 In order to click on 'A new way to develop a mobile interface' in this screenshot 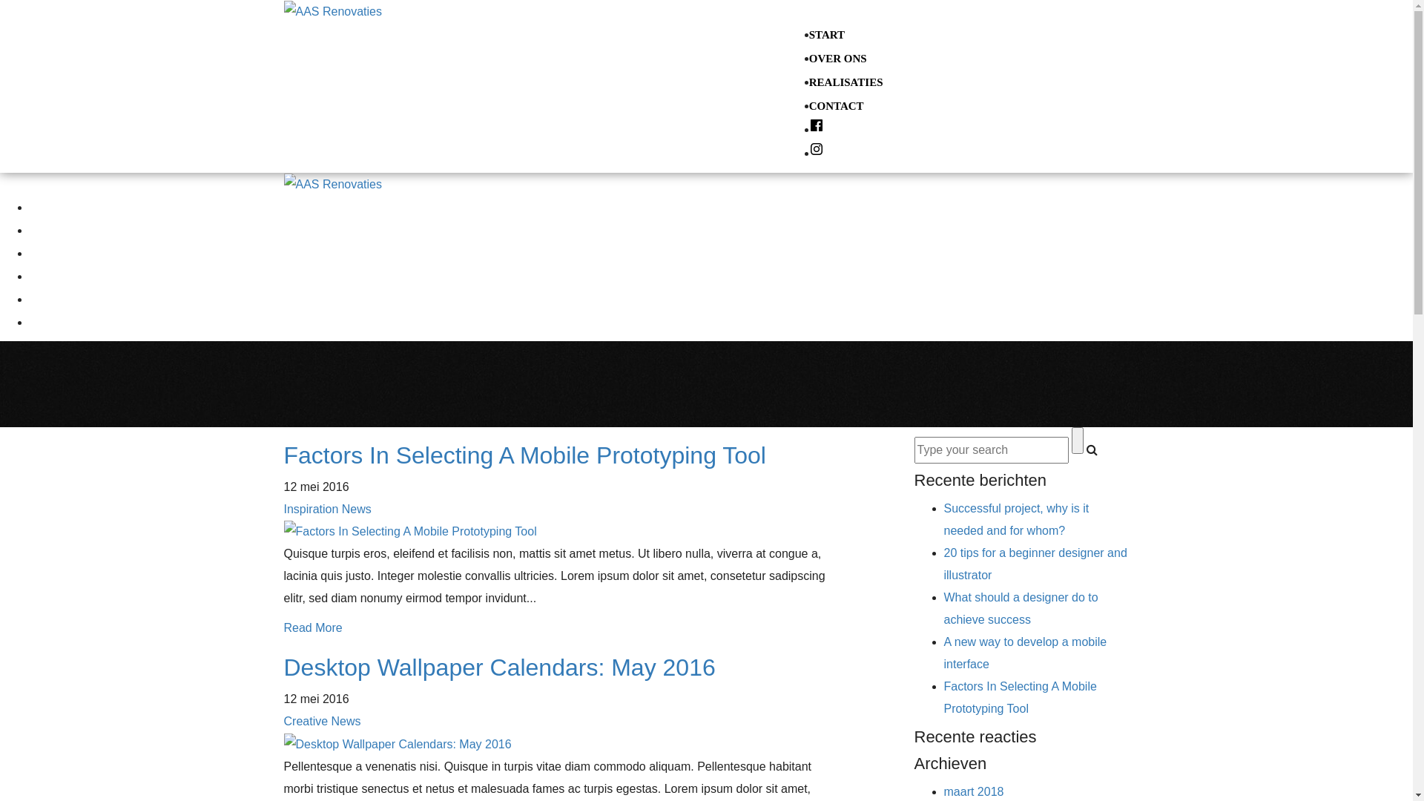, I will do `click(1024, 652)`.